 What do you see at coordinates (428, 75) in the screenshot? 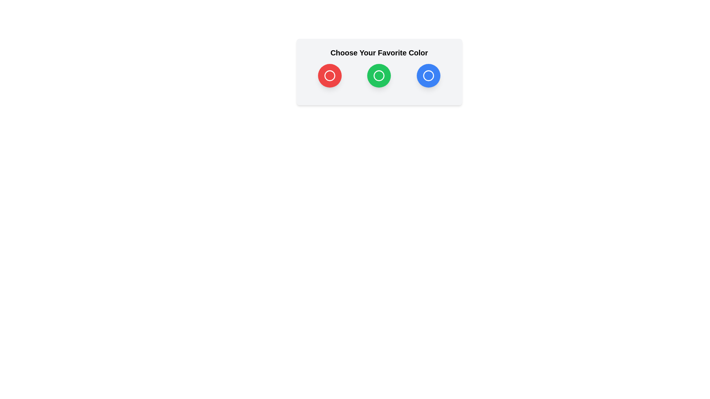
I see `the color option Blue` at bounding box center [428, 75].